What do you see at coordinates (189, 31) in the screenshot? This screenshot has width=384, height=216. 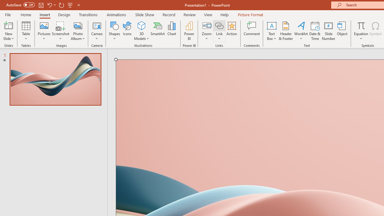 I see `'Power BI'` at bounding box center [189, 31].